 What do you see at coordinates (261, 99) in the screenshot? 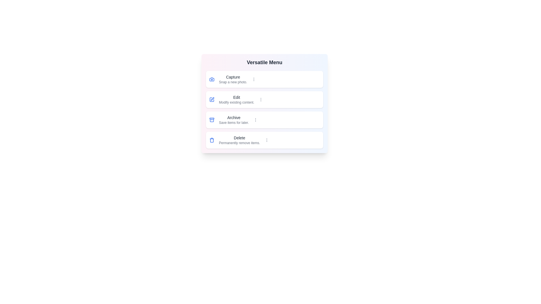
I see `the ellipsis icon of the menu item corresponding to Edit` at bounding box center [261, 99].